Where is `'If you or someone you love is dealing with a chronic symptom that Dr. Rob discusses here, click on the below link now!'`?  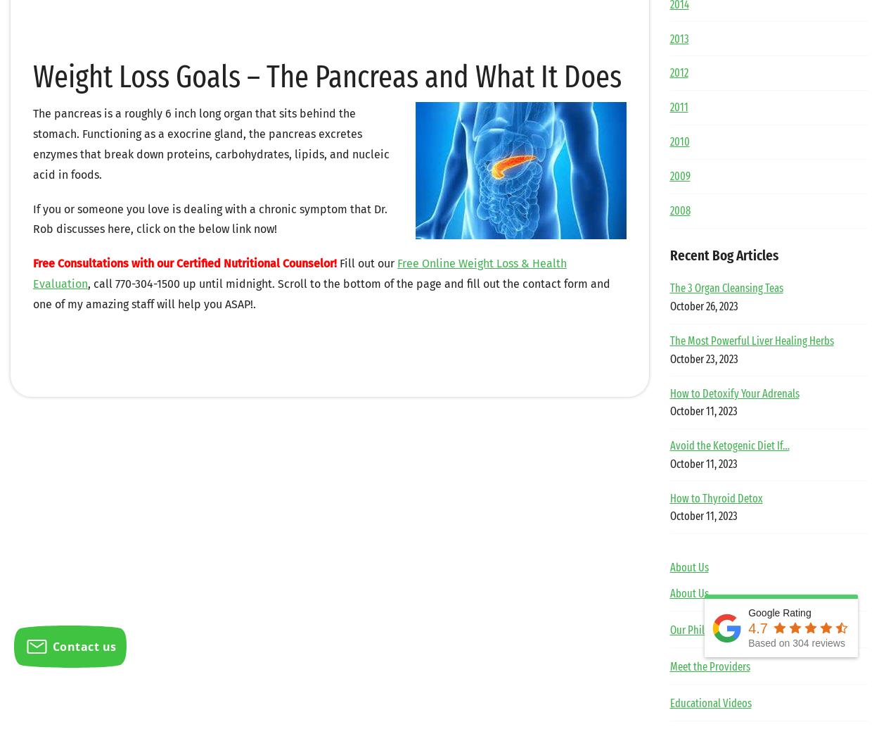 'If you or someone you love is dealing with a chronic symptom that Dr. Rob discusses here, click on the below link now!' is located at coordinates (210, 219).